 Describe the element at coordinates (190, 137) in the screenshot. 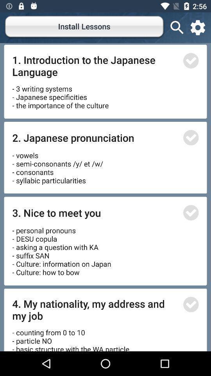

I see `lessons` at that location.